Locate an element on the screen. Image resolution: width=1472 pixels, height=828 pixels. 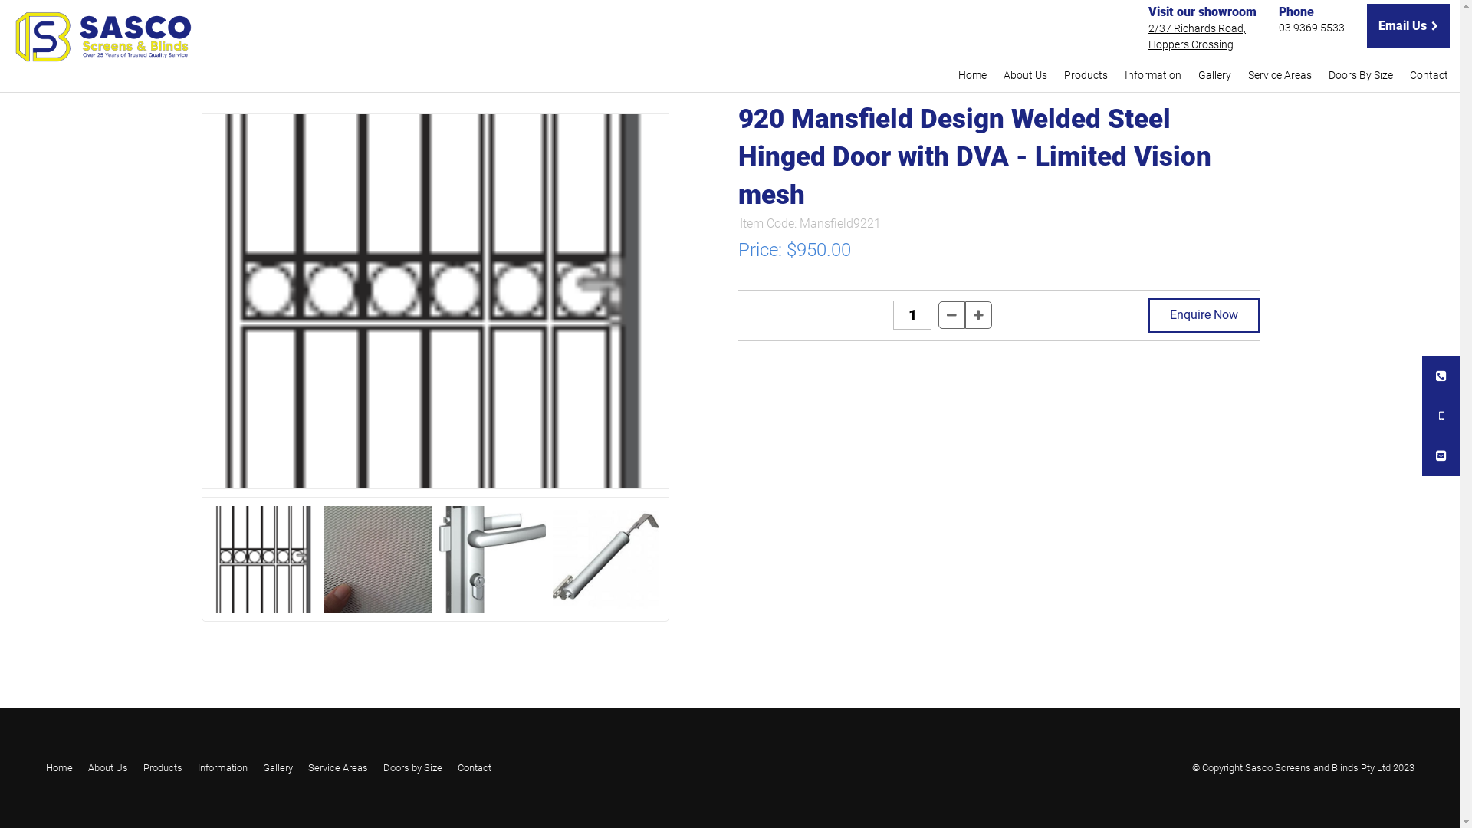
'Products' is located at coordinates (1085, 75).